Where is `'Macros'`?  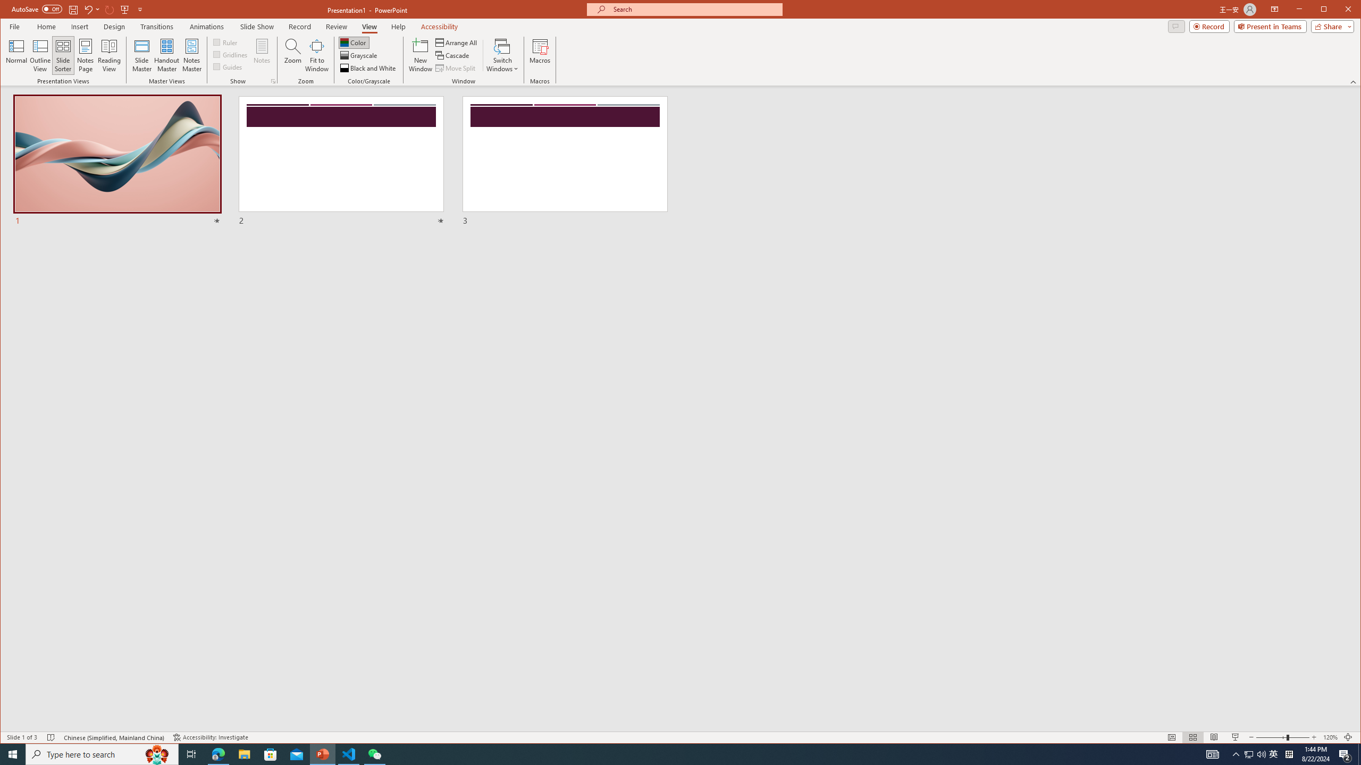 'Macros' is located at coordinates (540, 55).